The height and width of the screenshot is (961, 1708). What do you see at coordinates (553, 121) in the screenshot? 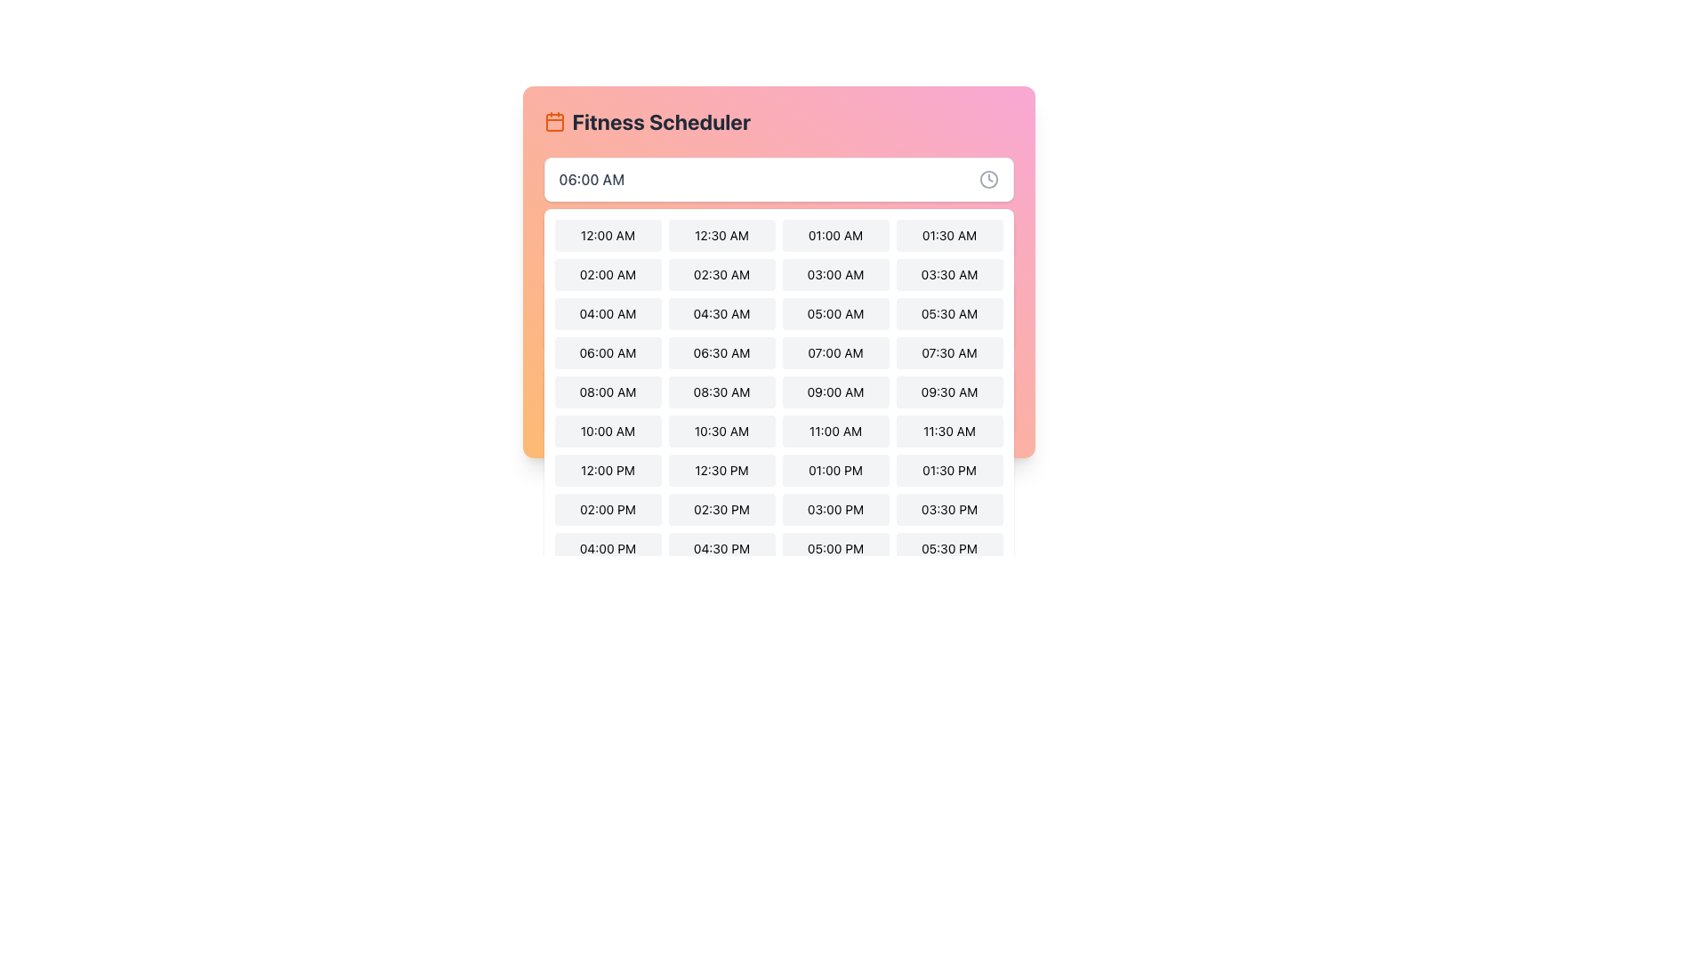
I see `the small calendar-shaped icon filled with solid orange color located to the left of the 'Fitness Scheduler' text in the header` at bounding box center [553, 121].